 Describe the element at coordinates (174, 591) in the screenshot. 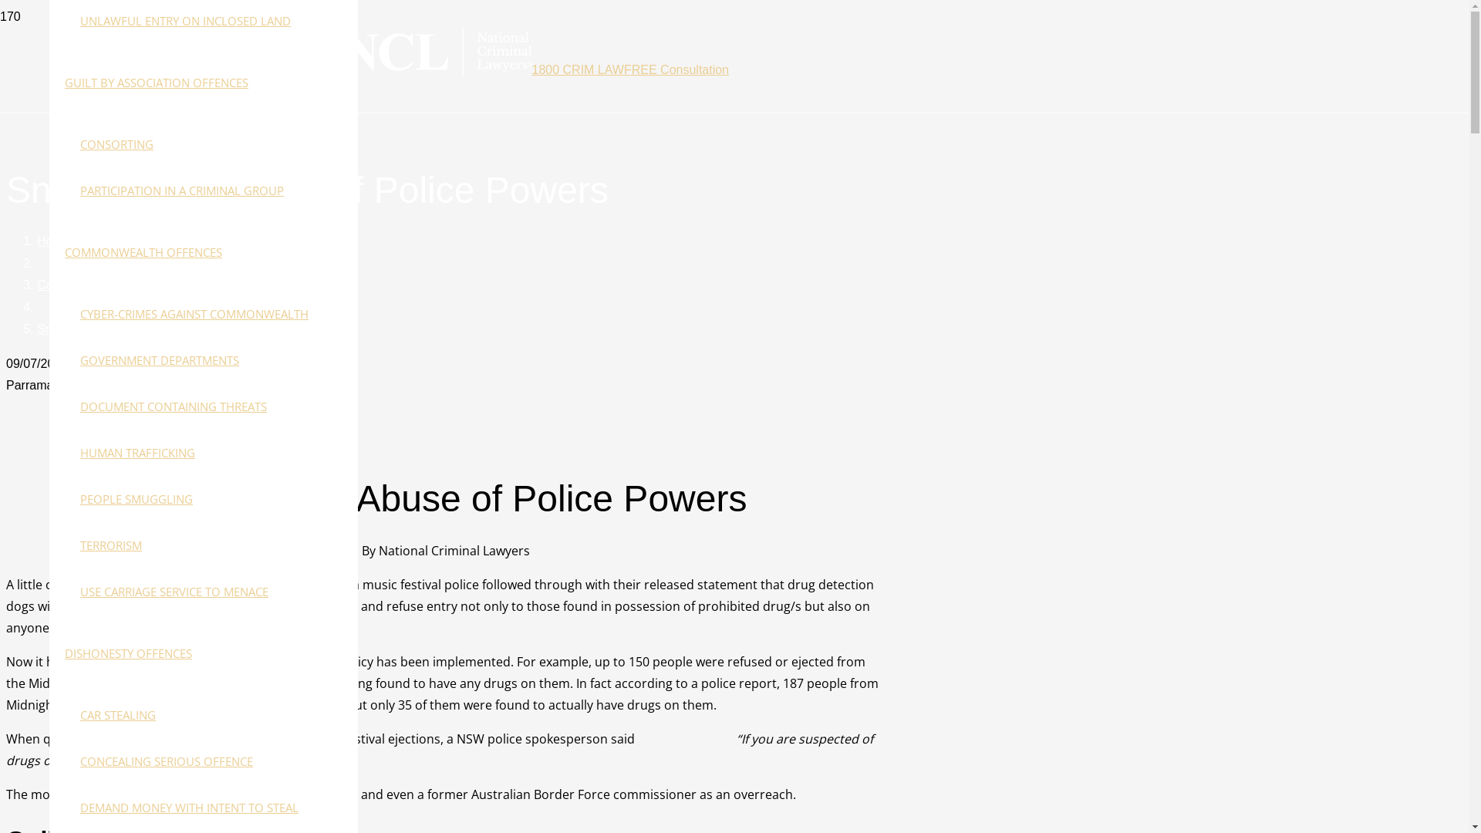

I see `'USE CARRIAGE SERVICE TO MENACE'` at that location.